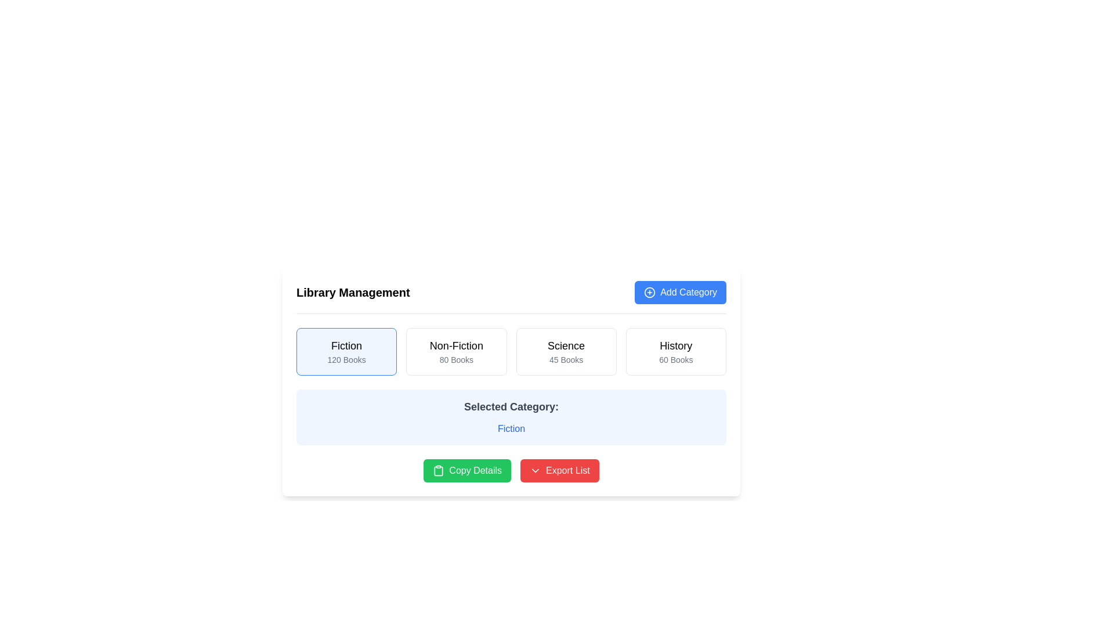 The width and height of the screenshot is (1114, 627). I want to click on the downward-pointing chevron icon located to the left of the 'Export List' text, so click(534, 470).